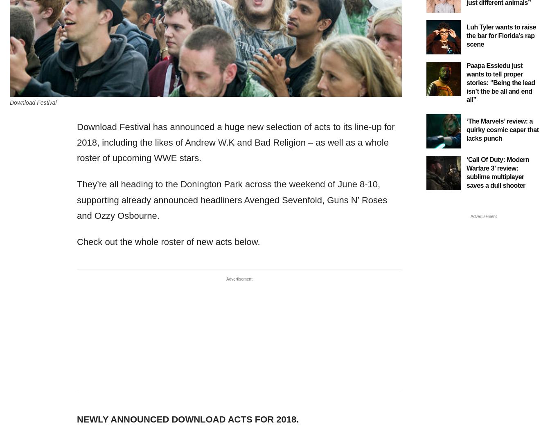 This screenshot has height=436, width=559. I want to click on 'Download Festival', so click(33, 101).